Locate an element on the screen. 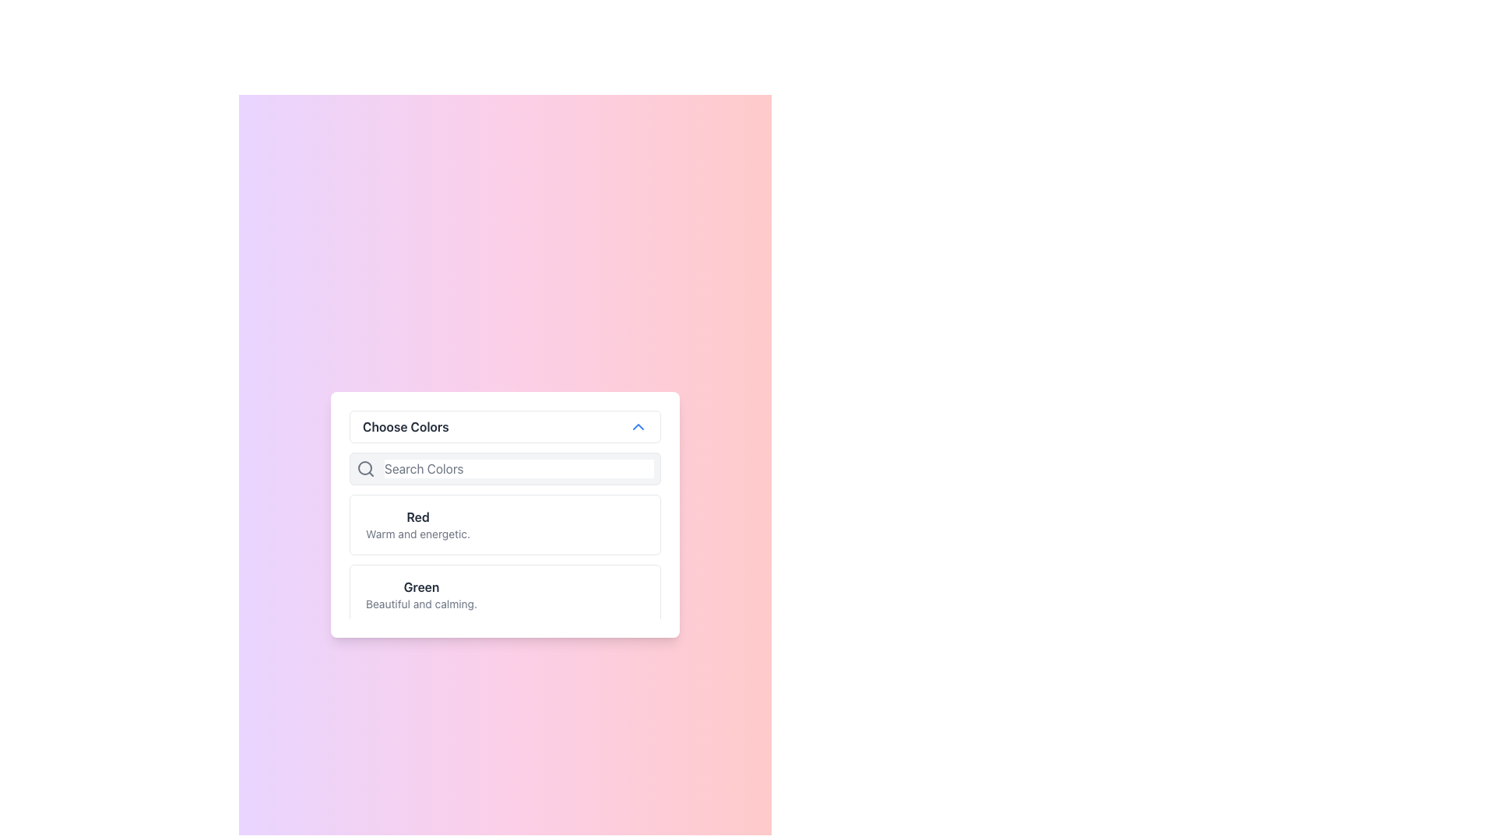 This screenshot has width=1495, height=840. the SVG circle graphic that is part of the search icon located in the top-left section of the dialog box, inside the input field's left-side icon is located at coordinates (364, 467).